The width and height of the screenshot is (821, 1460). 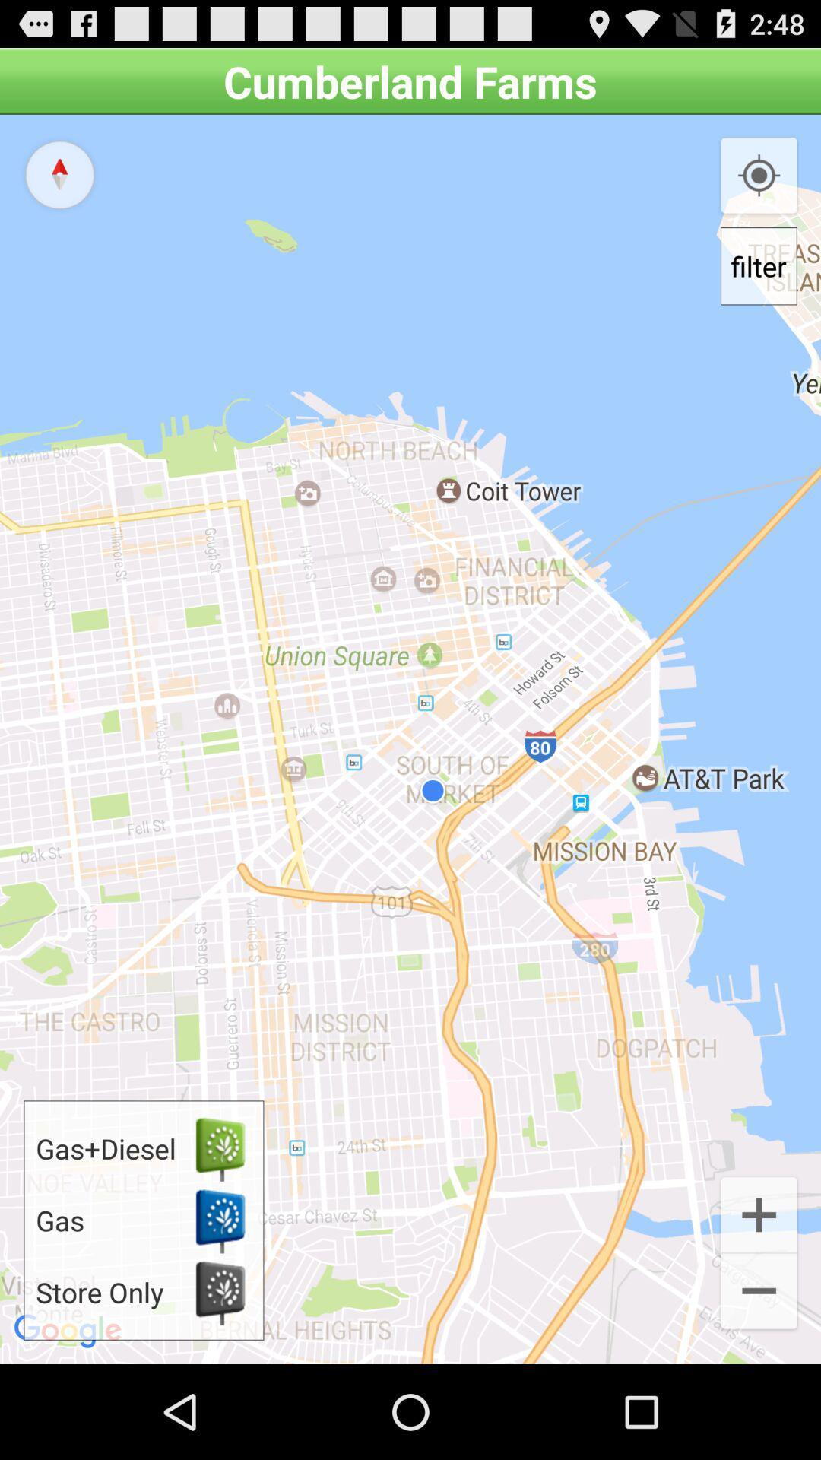 I want to click on icon below the cumberland farms app, so click(x=410, y=739).